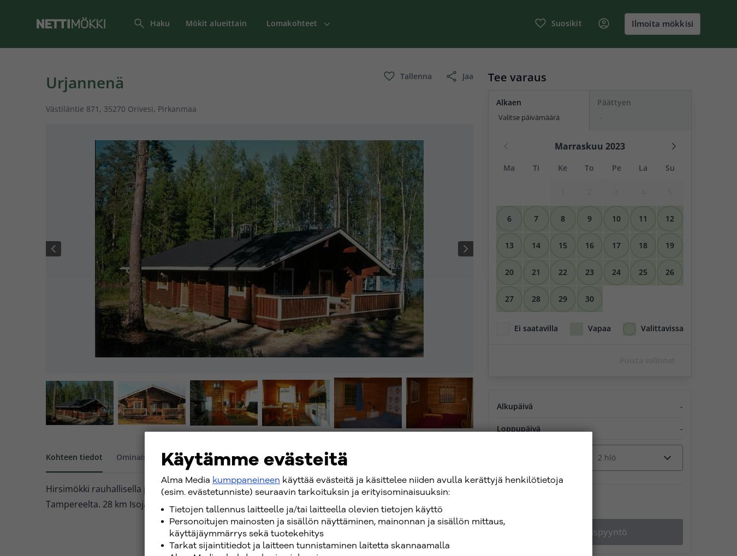  What do you see at coordinates (669, 245) in the screenshot?
I see `'19'` at bounding box center [669, 245].